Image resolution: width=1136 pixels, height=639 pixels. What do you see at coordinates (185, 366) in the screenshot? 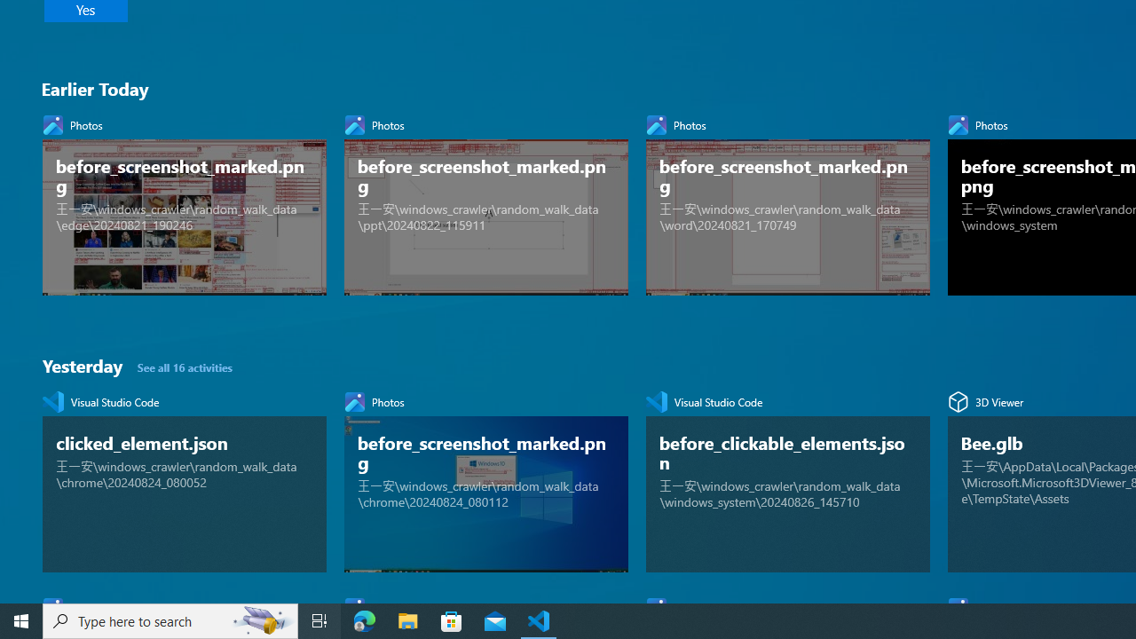
I see `'See all 16 activities'` at bounding box center [185, 366].